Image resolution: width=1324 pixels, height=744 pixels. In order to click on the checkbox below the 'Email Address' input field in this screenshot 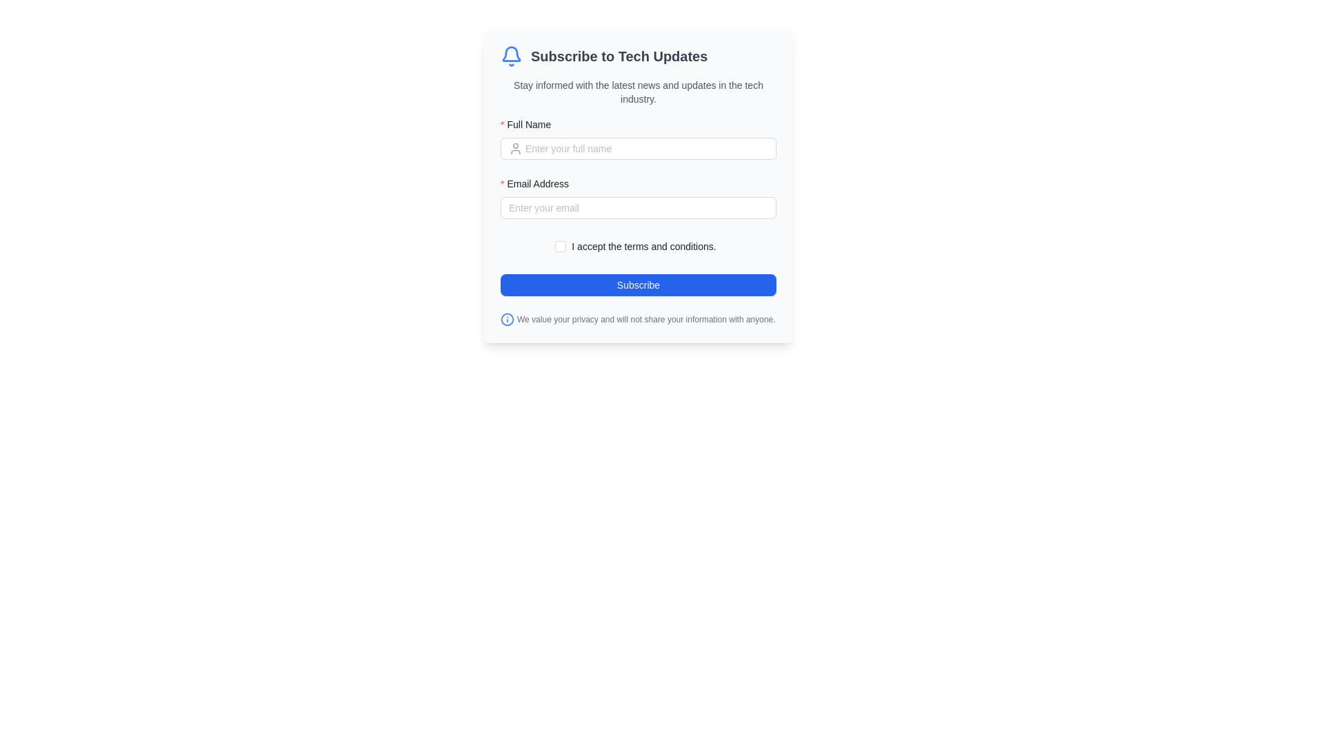, I will do `click(560, 245)`.